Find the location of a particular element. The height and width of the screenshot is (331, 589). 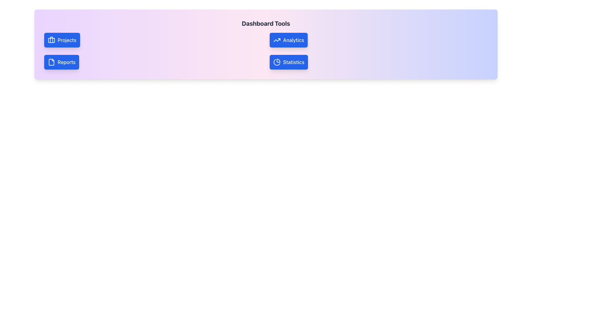

the bold and large-sized text label reading 'Dashboard Tools' located at the top-center of the interface, which is styled prominently against a gradient background is located at coordinates (266, 23).